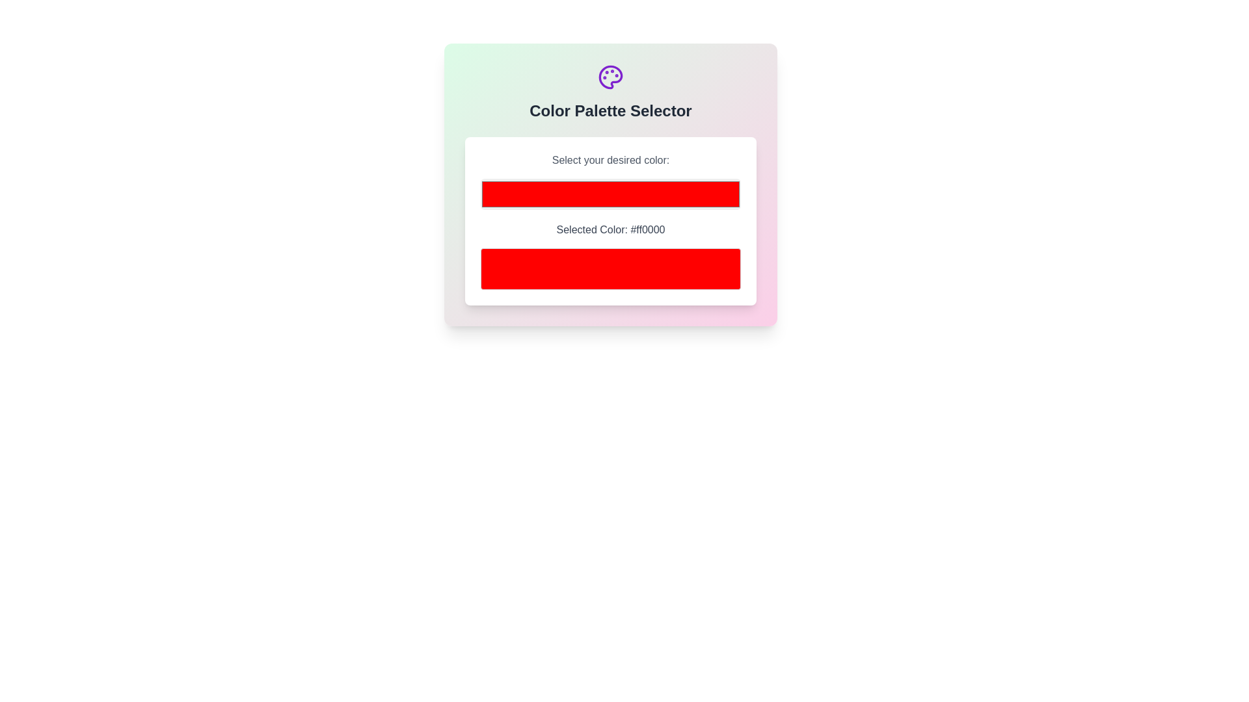  I want to click on the color picker to open the color selection interface, so click(610, 194).